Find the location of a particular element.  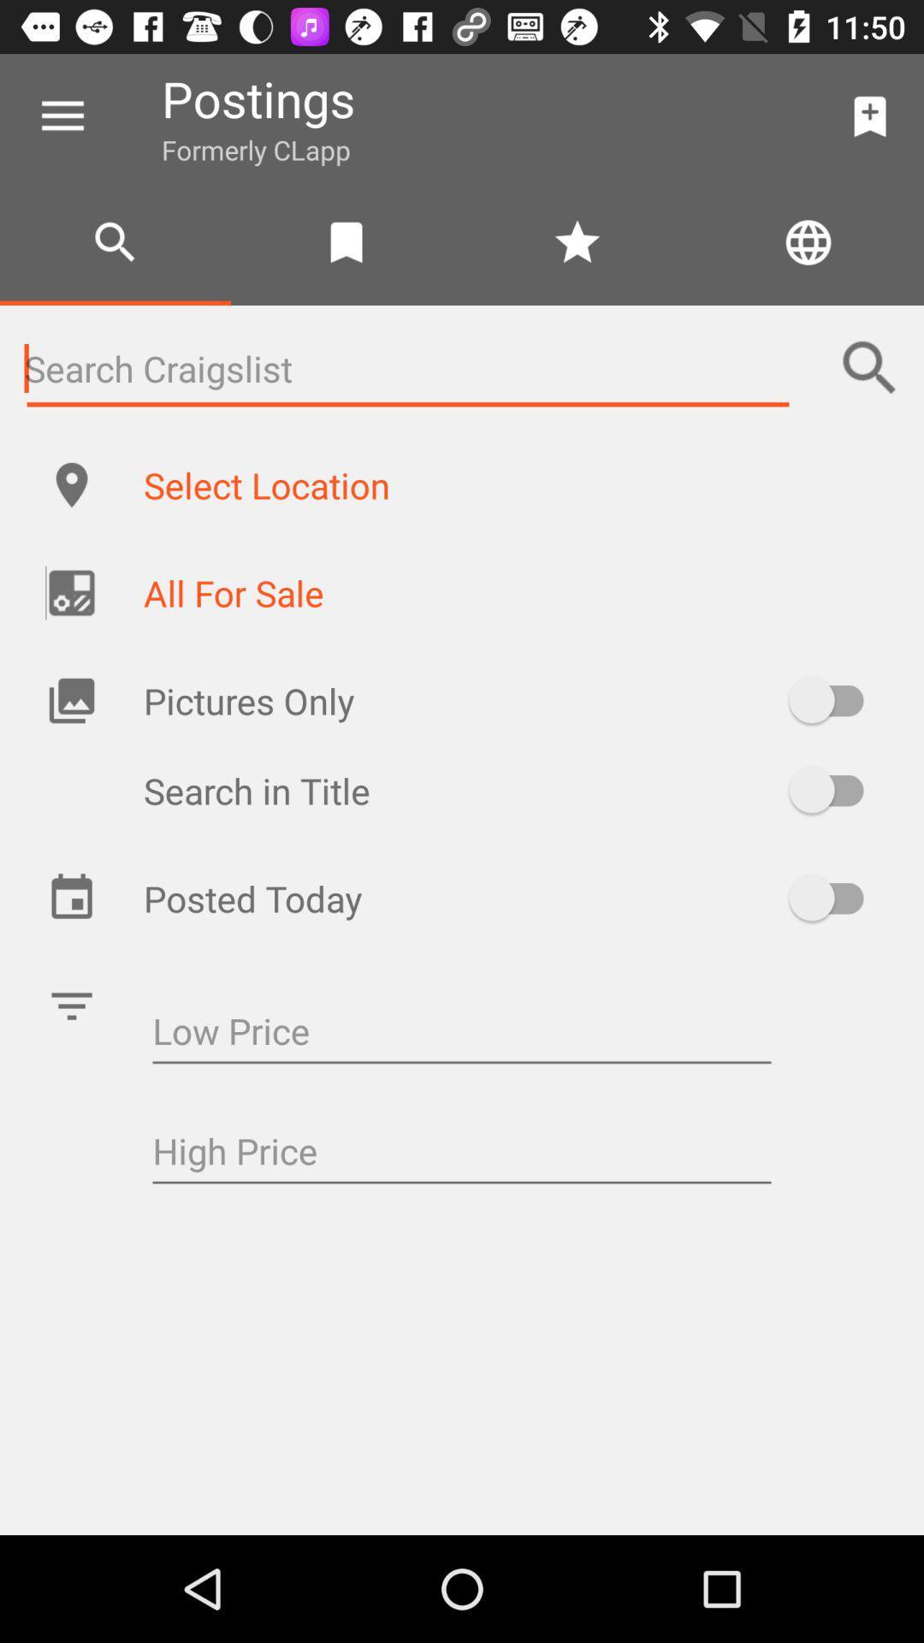

the search icon is located at coordinates (870, 367).